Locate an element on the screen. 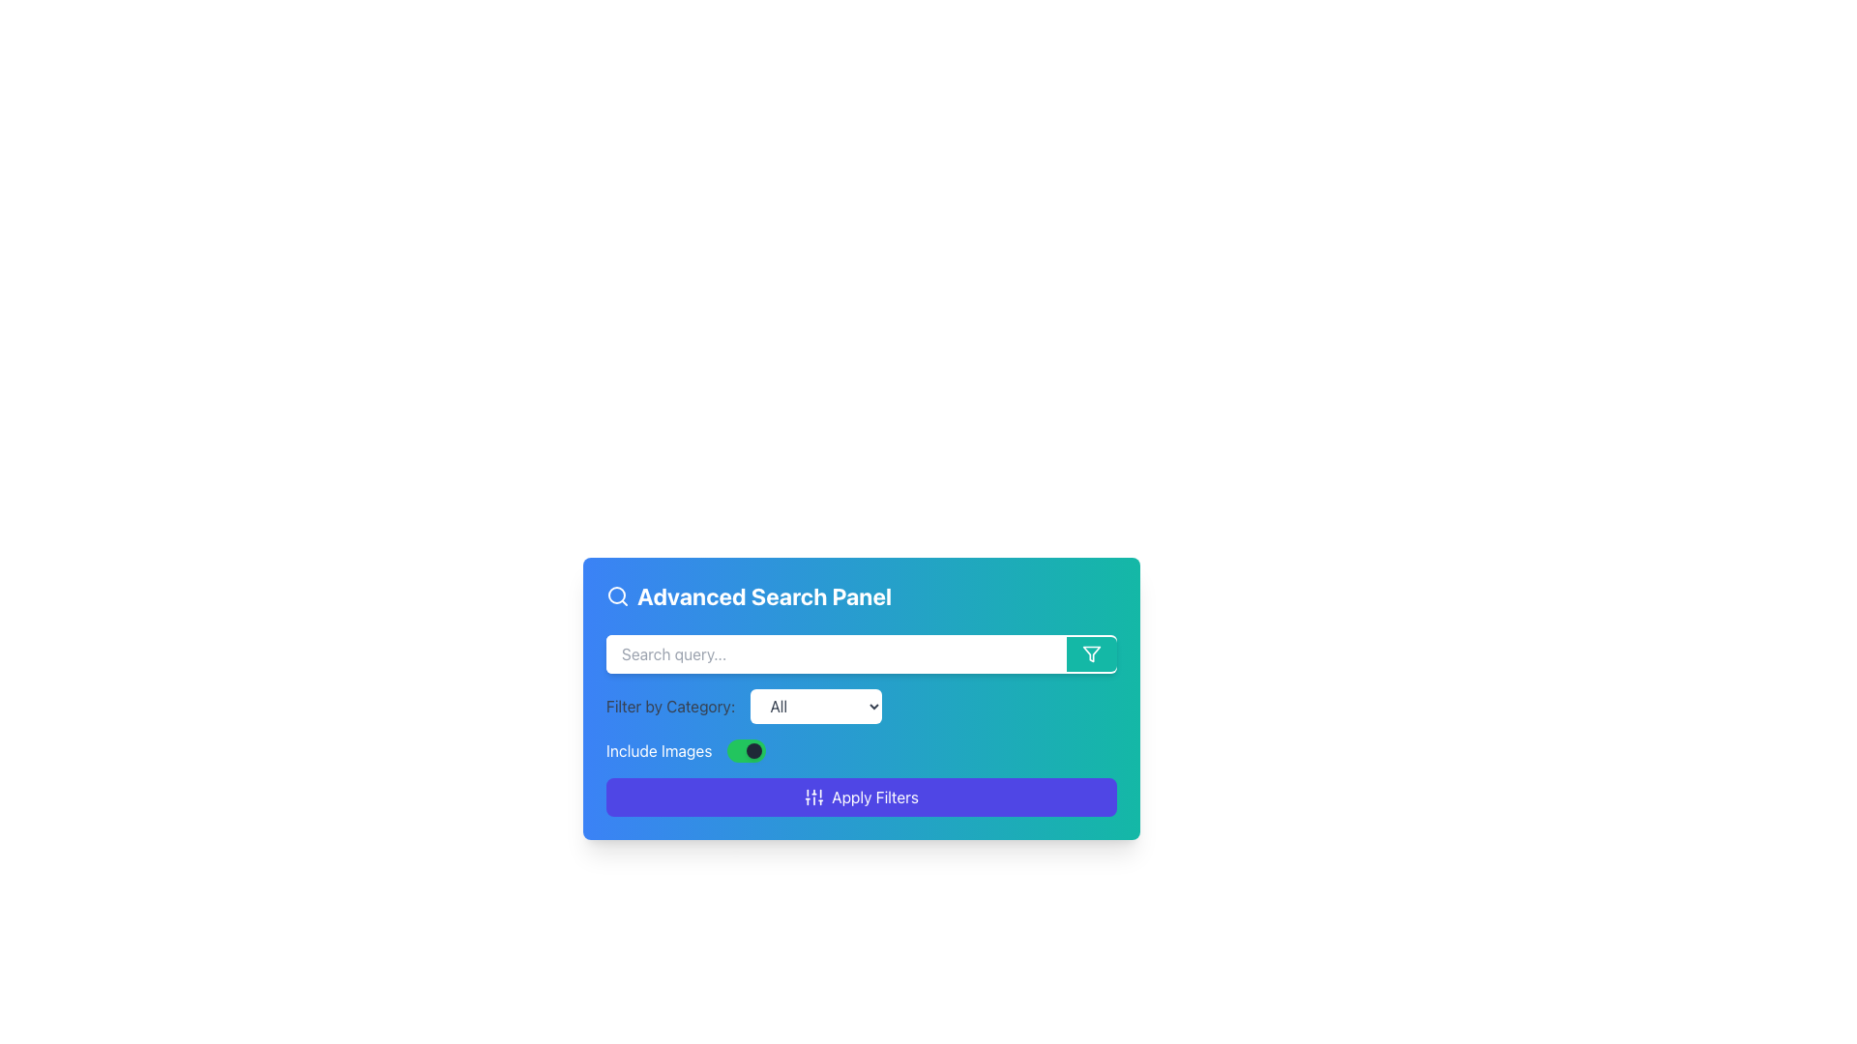 The image size is (1857, 1044). the Toggle Marker of the 'Include Images' toggle switch in the Advanced Search Panel, which indicates the 'active' state is located at coordinates (753, 749).